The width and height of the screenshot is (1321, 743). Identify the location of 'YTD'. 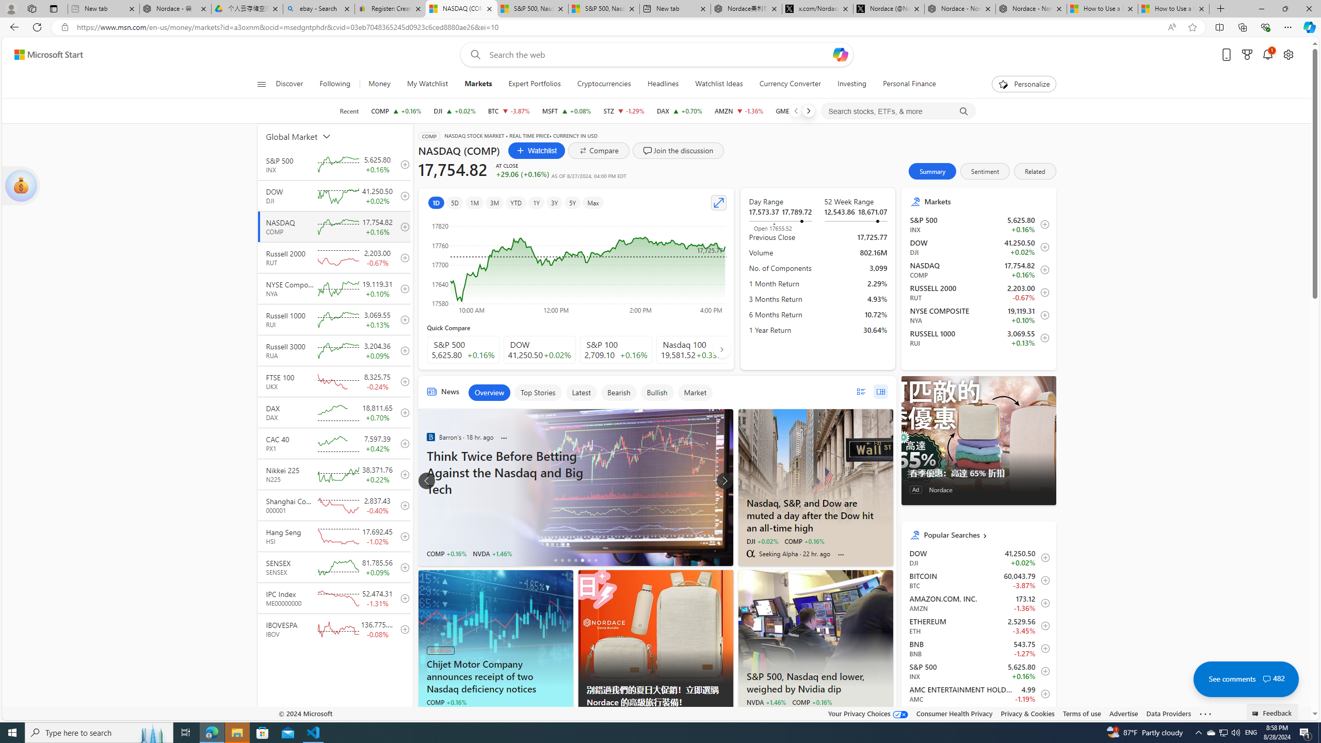
(515, 202).